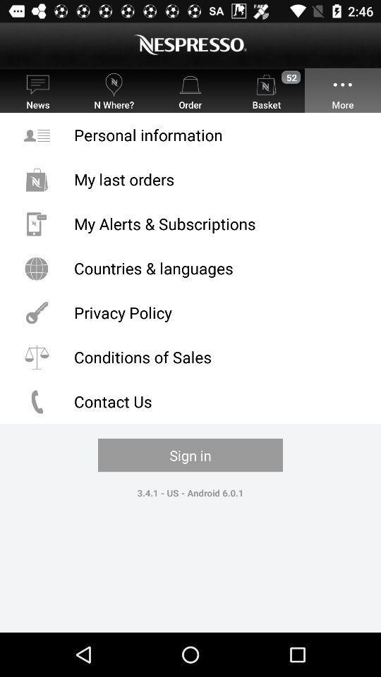 The width and height of the screenshot is (381, 677). What do you see at coordinates (190, 356) in the screenshot?
I see `item below privacy policy` at bounding box center [190, 356].